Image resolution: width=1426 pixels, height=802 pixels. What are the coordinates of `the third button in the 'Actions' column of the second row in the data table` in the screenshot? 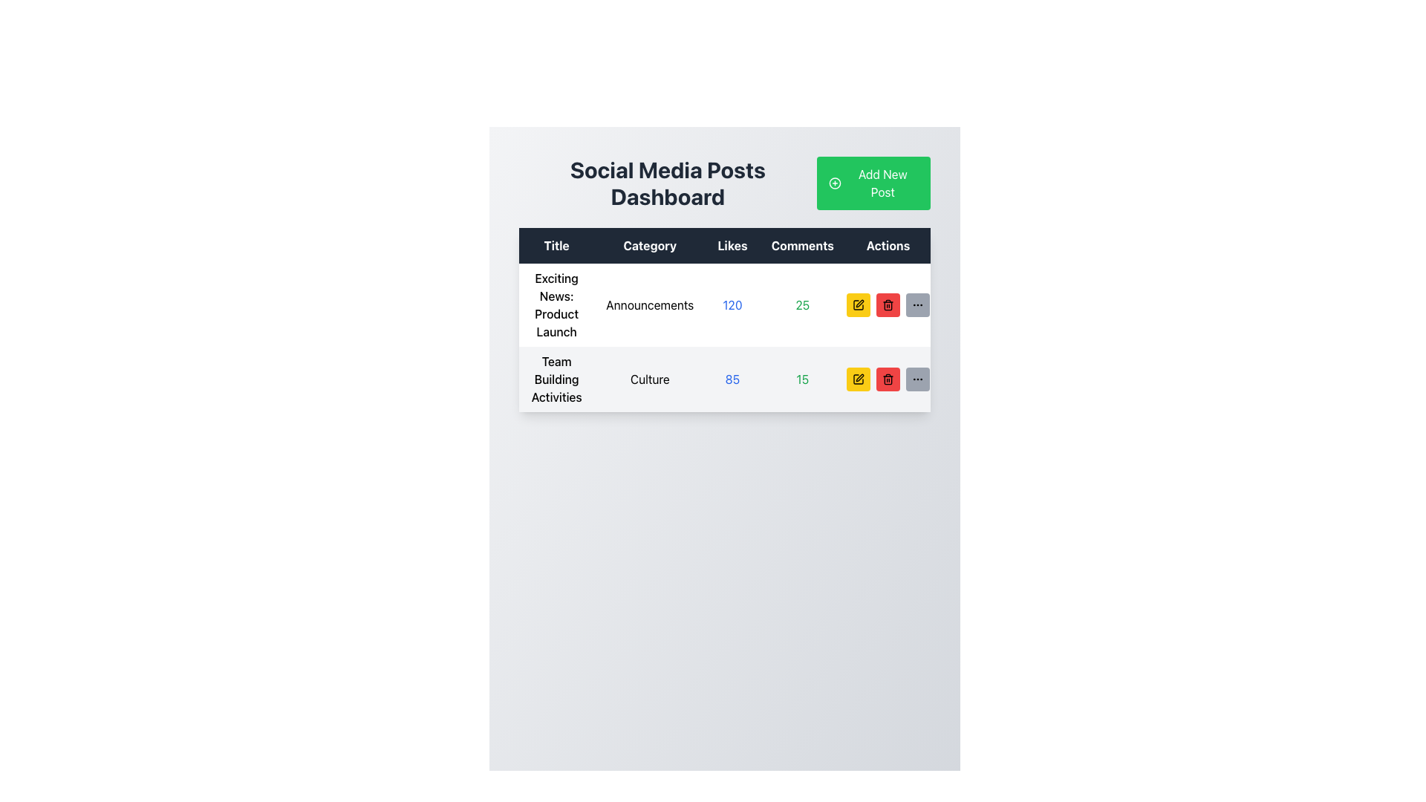 It's located at (917, 378).